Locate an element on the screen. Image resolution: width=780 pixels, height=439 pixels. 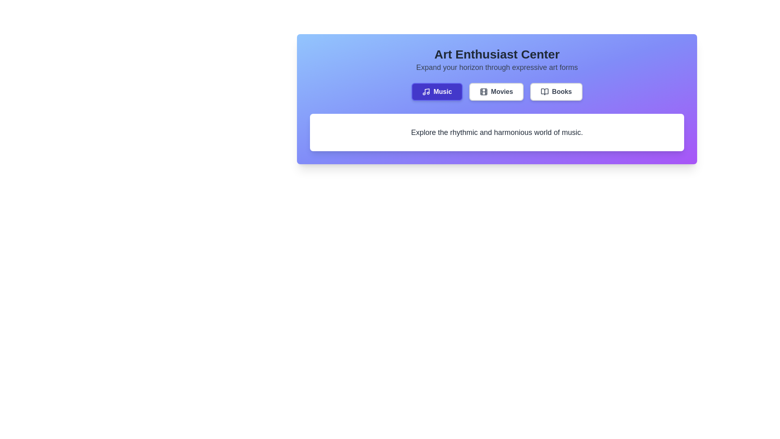
the tab labeled Movies to select it is located at coordinates (496, 91).